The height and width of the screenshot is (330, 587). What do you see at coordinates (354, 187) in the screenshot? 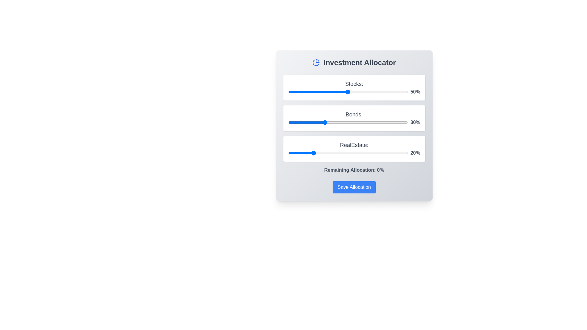
I see `the 'Save Allocation' button to save the current investment allocation` at bounding box center [354, 187].